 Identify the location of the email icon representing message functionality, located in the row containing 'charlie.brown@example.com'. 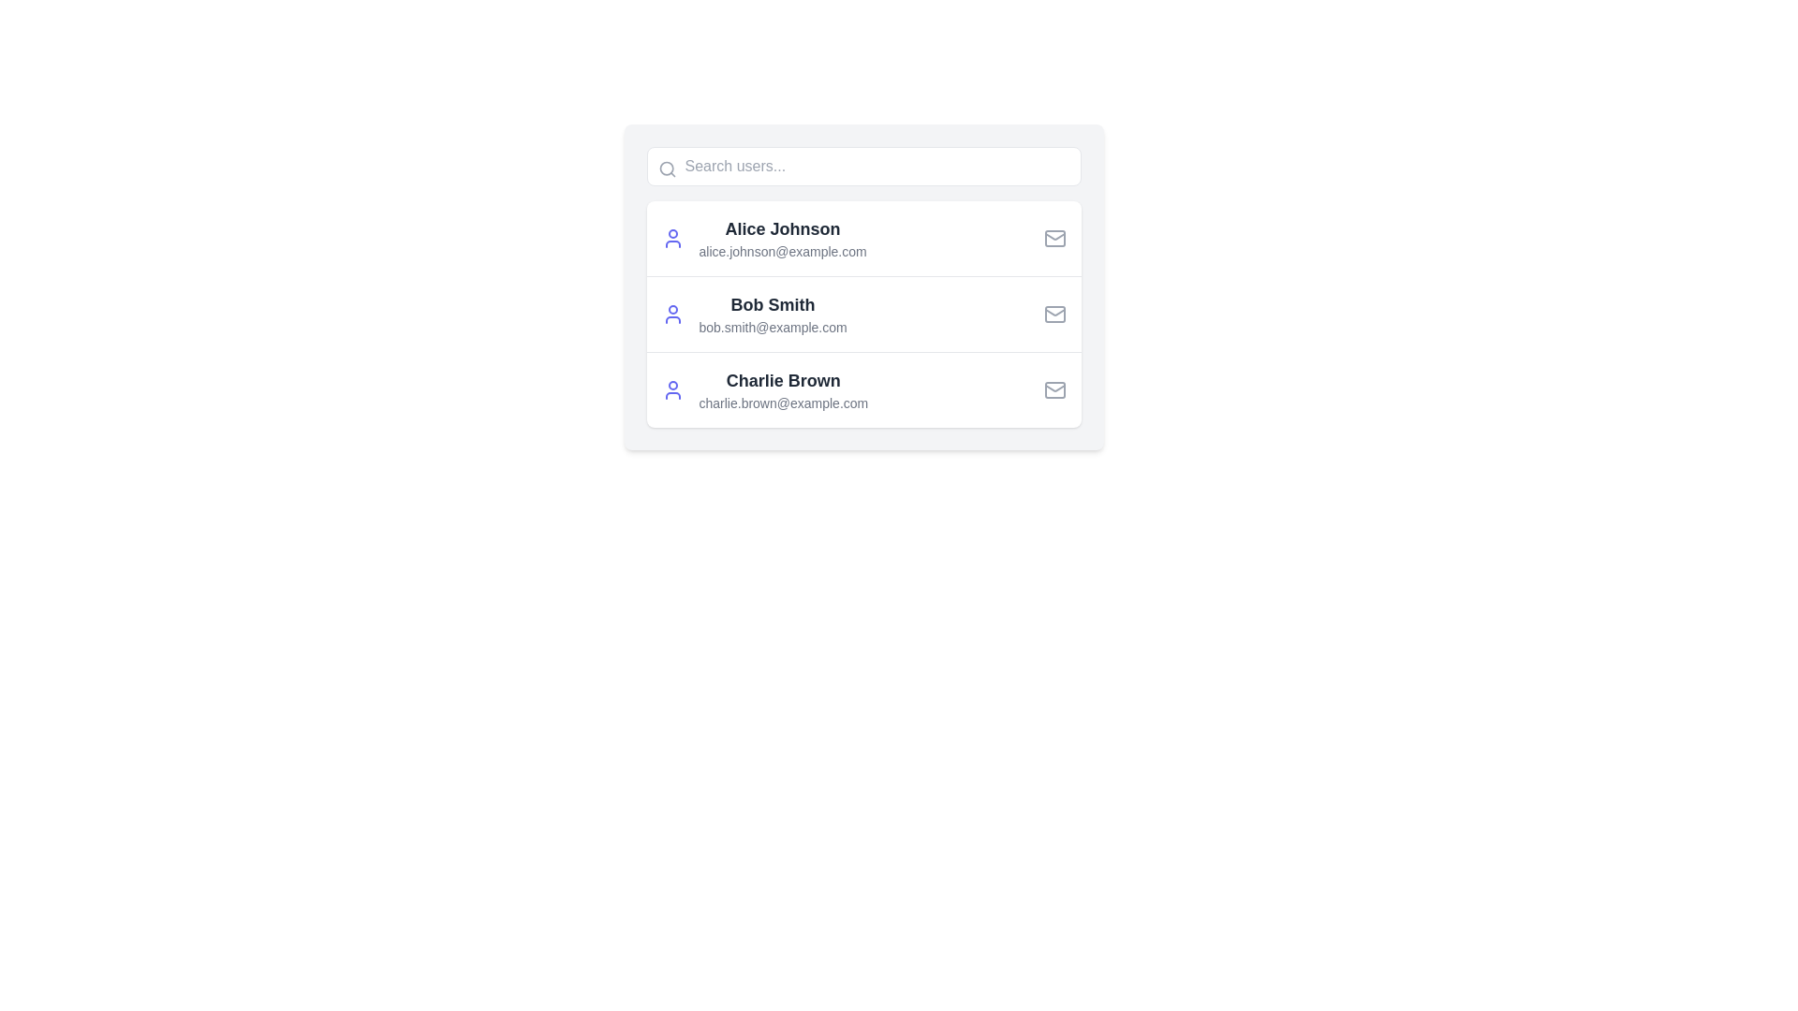
(1054, 388).